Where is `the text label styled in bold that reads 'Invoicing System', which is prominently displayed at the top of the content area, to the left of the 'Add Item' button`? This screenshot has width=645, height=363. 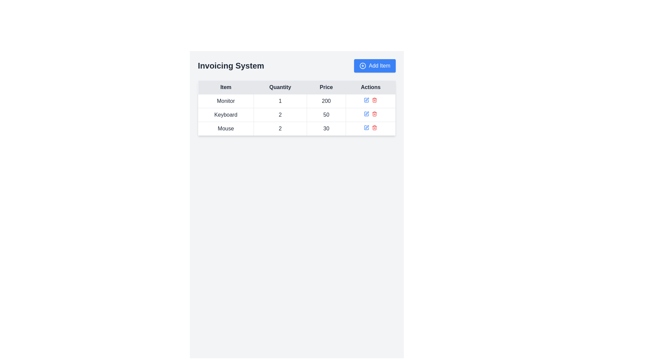
the text label styled in bold that reads 'Invoicing System', which is prominently displayed at the top of the content area, to the left of the 'Add Item' button is located at coordinates (231, 66).